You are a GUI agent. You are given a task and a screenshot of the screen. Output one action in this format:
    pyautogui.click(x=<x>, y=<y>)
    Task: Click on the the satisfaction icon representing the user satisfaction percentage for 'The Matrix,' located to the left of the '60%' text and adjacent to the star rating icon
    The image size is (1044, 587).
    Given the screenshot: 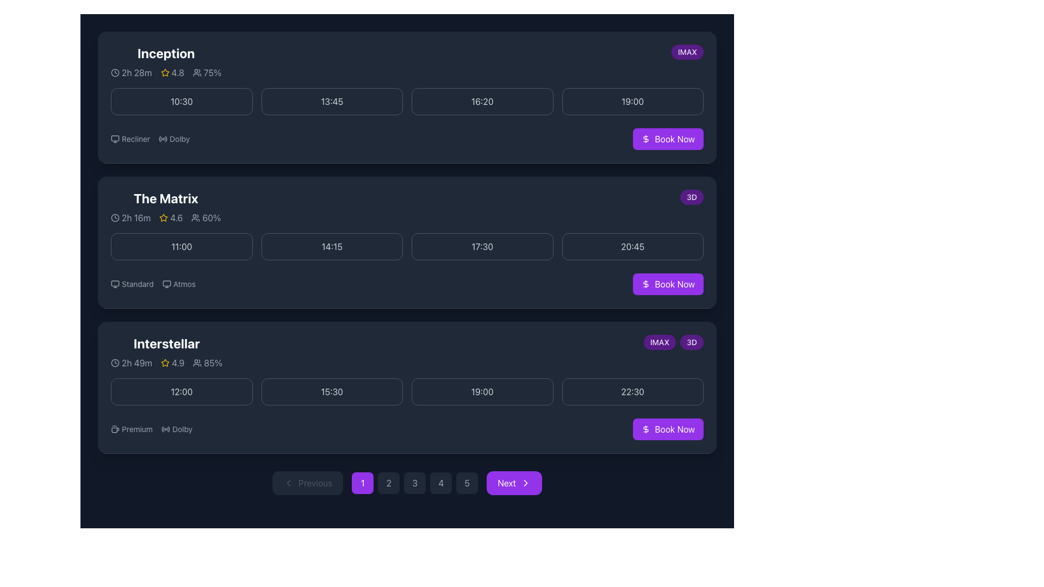 What is the action you would take?
    pyautogui.click(x=196, y=218)
    